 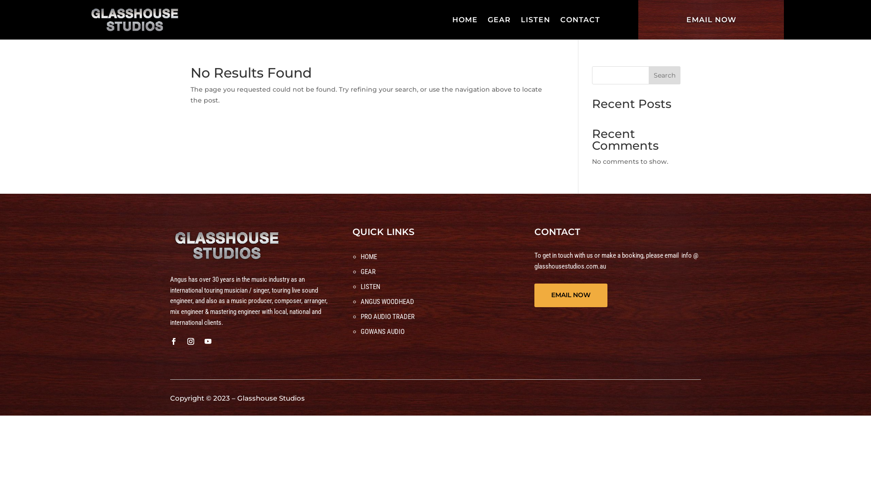 What do you see at coordinates (190, 341) in the screenshot?
I see `'Follow on Instagram'` at bounding box center [190, 341].